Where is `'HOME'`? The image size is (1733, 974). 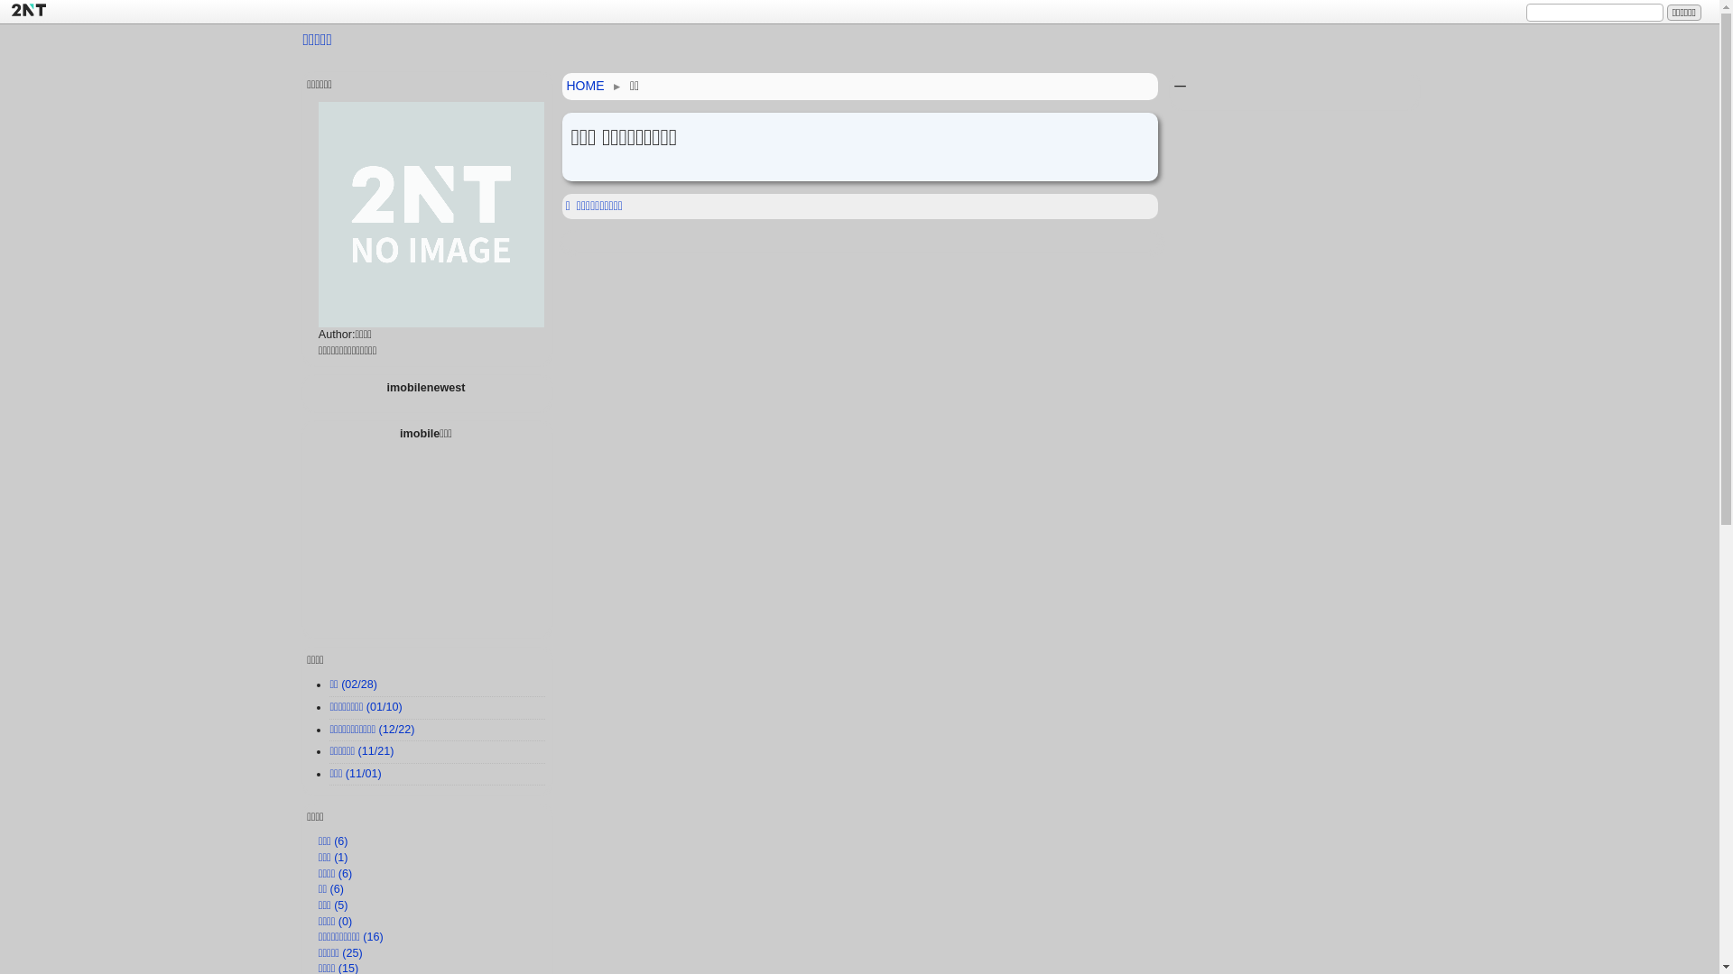 'HOME' is located at coordinates (566, 86).